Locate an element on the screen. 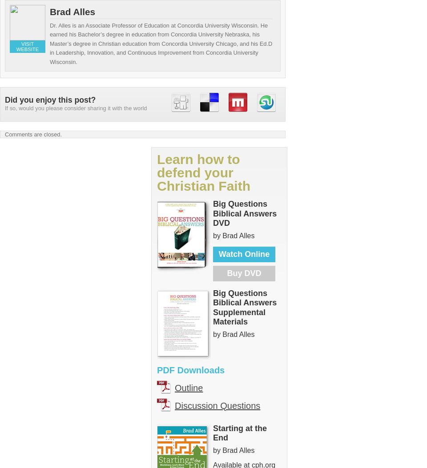 The image size is (427, 468). 'If so, would you please consider sharing it with the world' is located at coordinates (4, 108).